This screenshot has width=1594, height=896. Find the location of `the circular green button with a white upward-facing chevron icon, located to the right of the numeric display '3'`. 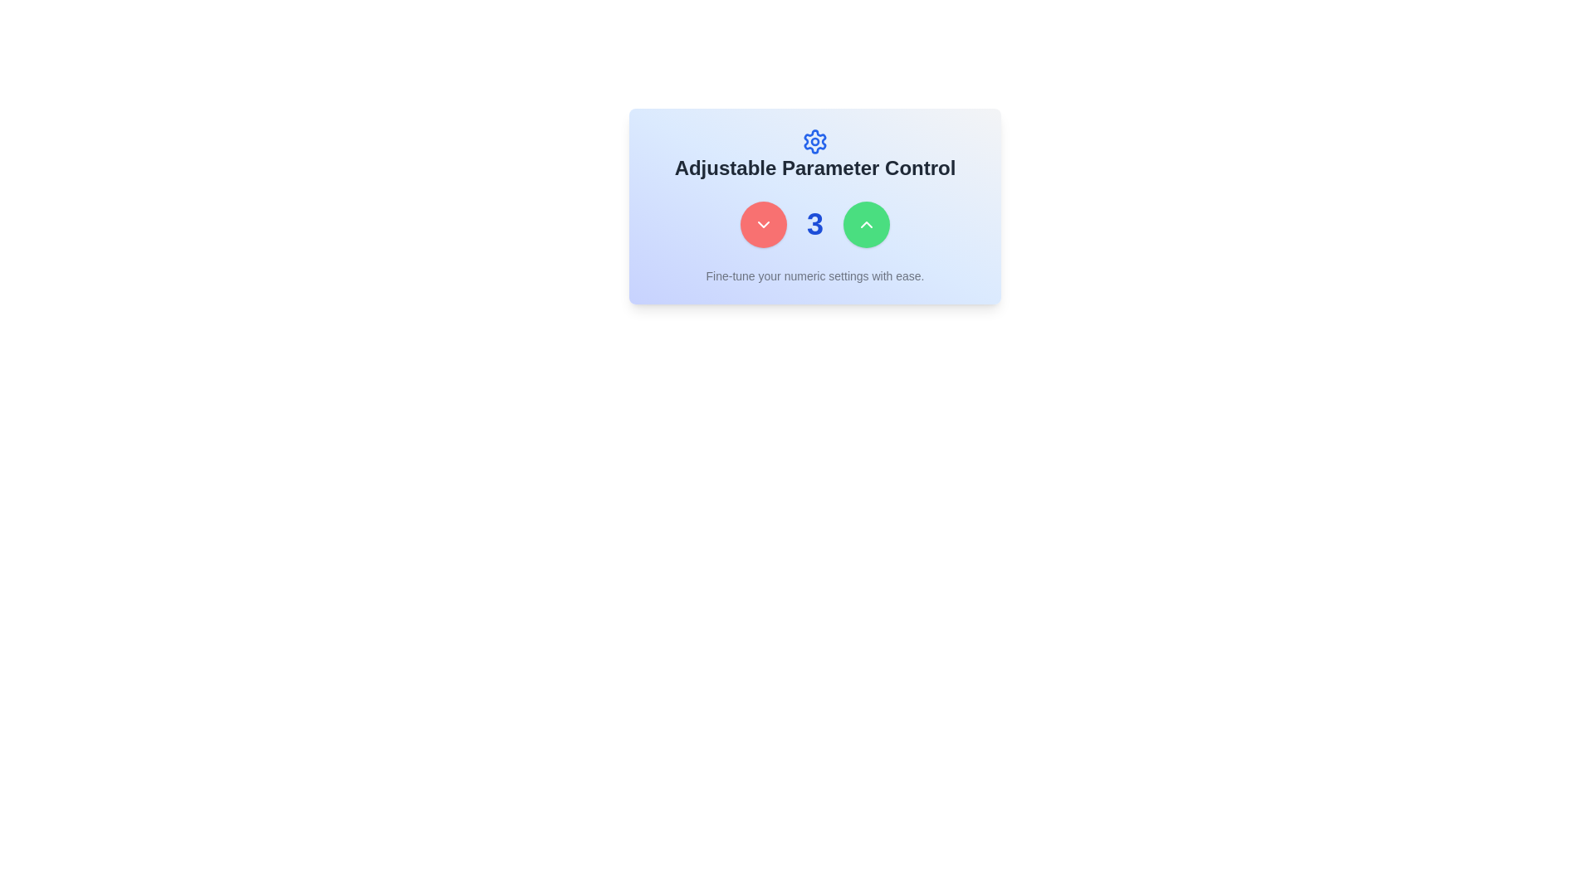

the circular green button with a white upward-facing chevron icon, located to the right of the numeric display '3' is located at coordinates (866, 224).